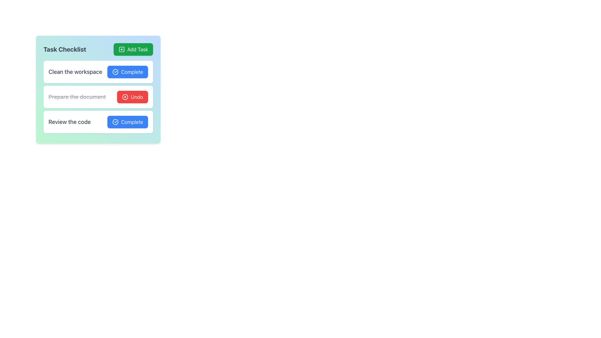 The image size is (601, 338). I want to click on the text label that serves as a title for the tasks management section, located at the top left of the interface, so click(65, 49).